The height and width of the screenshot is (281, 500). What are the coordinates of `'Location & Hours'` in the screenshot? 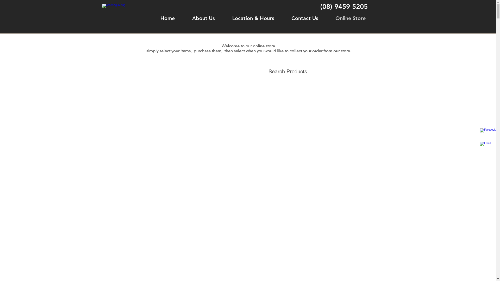 It's located at (253, 18).